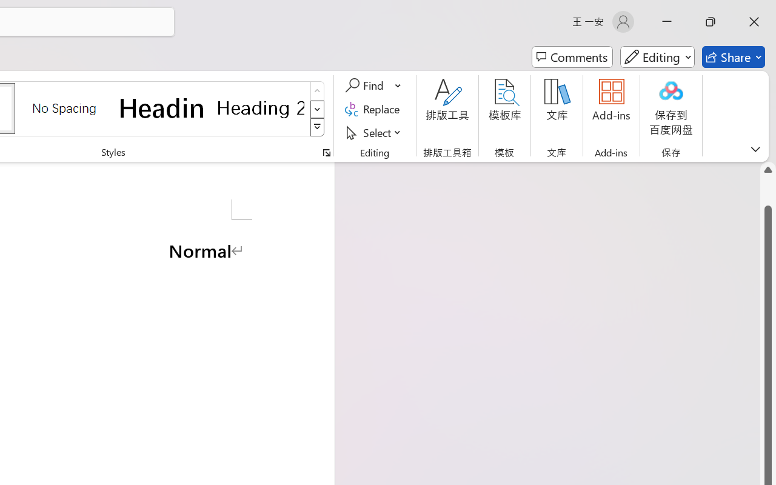 Image resolution: width=776 pixels, height=485 pixels. Describe the element at coordinates (768, 170) in the screenshot. I see `'Line up'` at that location.